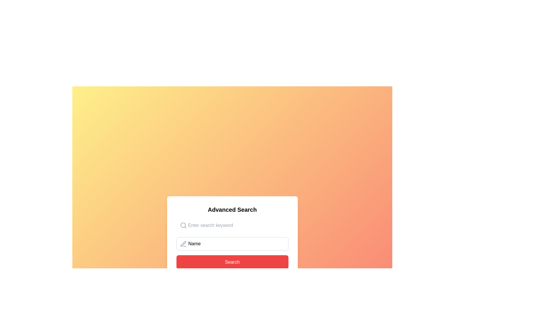  Describe the element at coordinates (232, 262) in the screenshot. I see `the submit button located in the 'Advanced Search' section below the 'Name' input field` at that location.